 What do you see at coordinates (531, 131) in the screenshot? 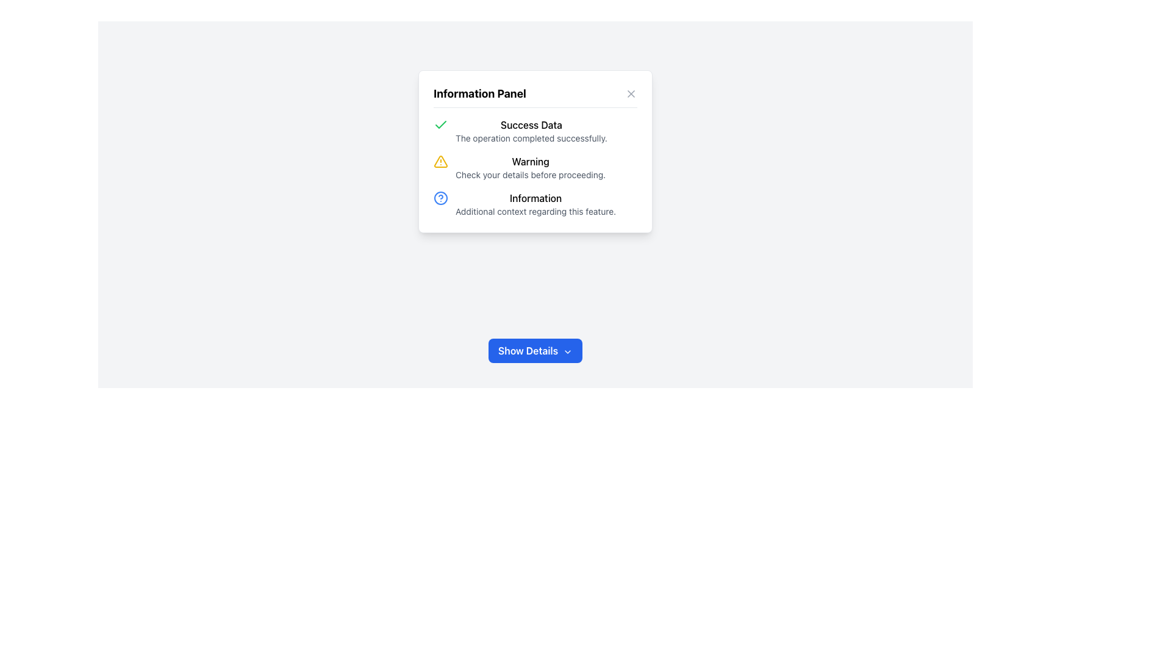
I see `success message displayed in the first content section of the information panel, which is located near a green checkmark icon` at bounding box center [531, 131].